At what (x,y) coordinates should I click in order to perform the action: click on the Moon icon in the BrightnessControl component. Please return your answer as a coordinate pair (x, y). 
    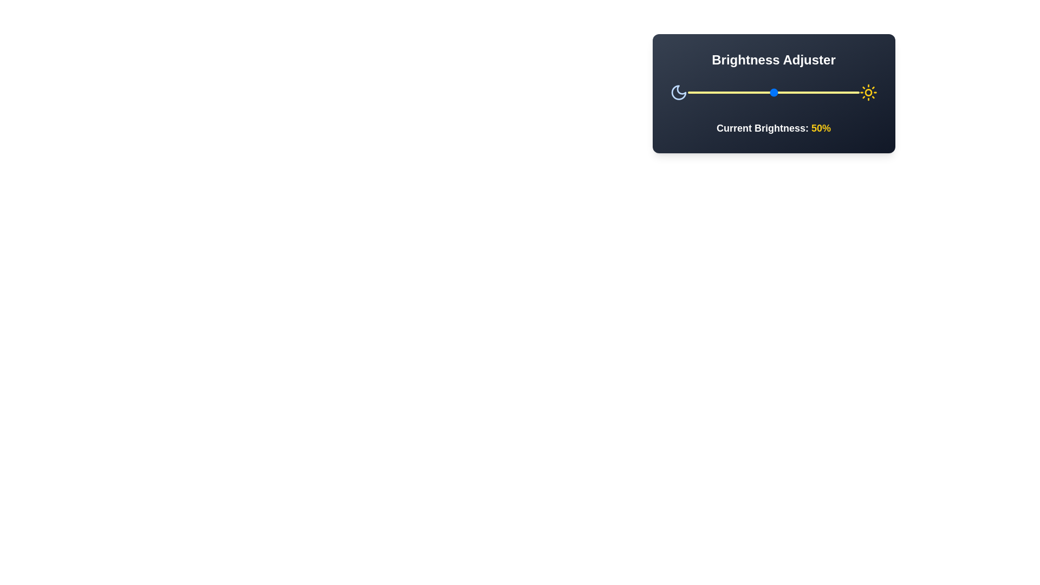
    Looking at the image, I should click on (678, 92).